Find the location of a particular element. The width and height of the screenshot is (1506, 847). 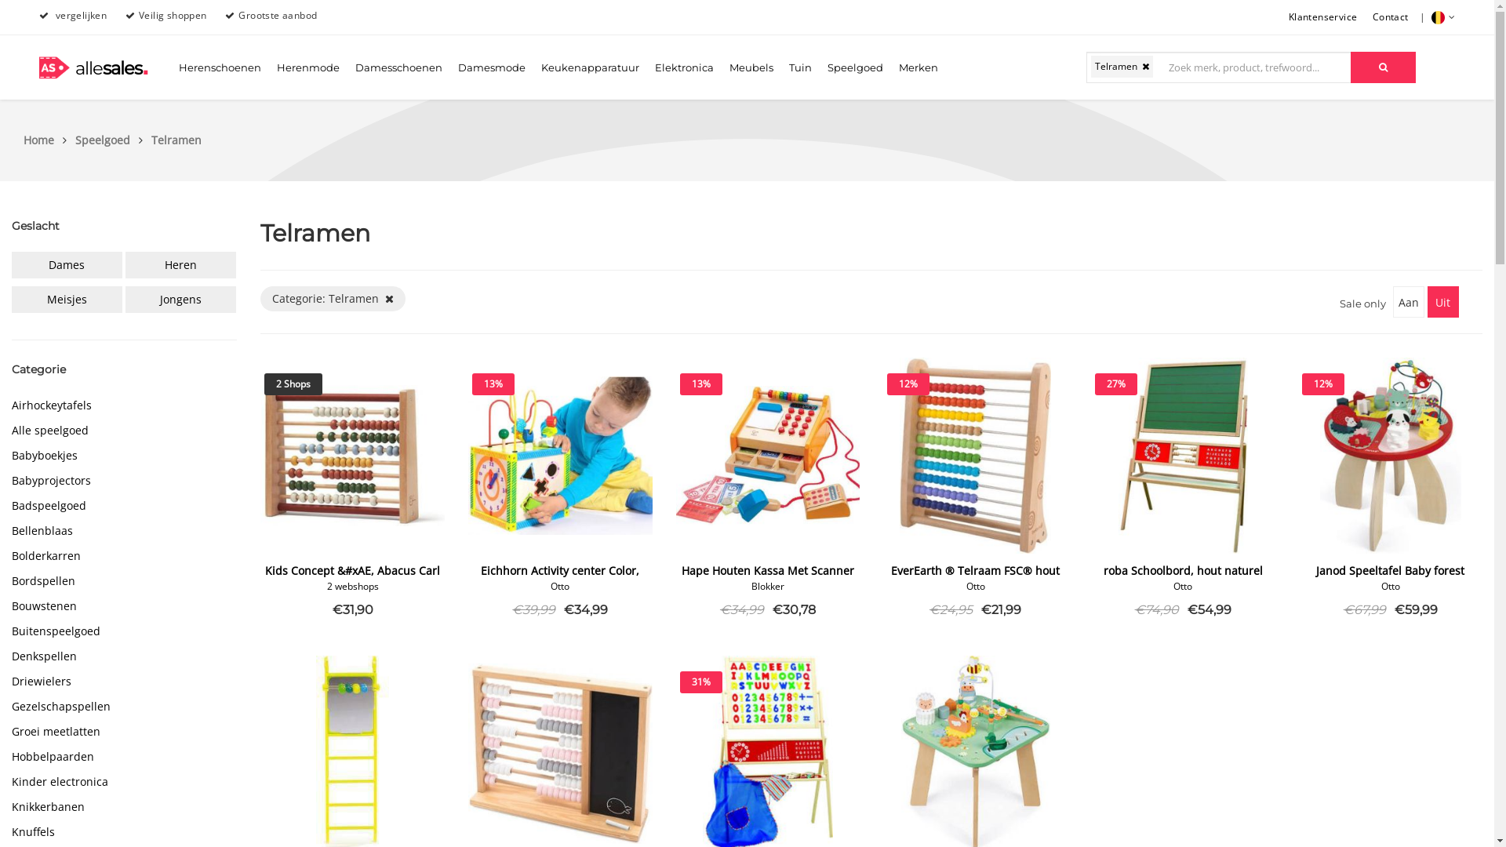

'Dames' is located at coordinates (11, 264).